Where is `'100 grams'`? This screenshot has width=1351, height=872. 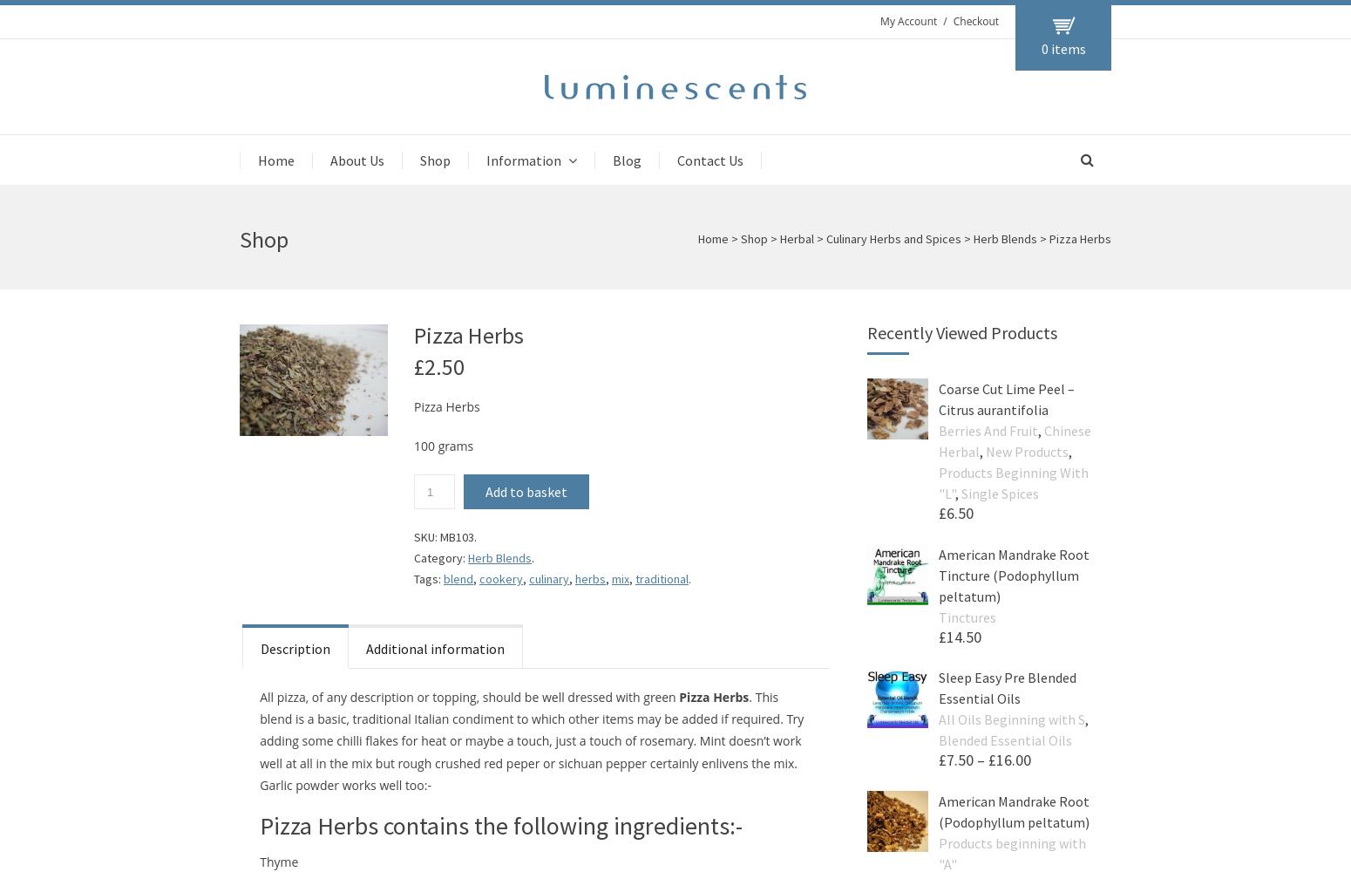 '100 grams' is located at coordinates (443, 446).